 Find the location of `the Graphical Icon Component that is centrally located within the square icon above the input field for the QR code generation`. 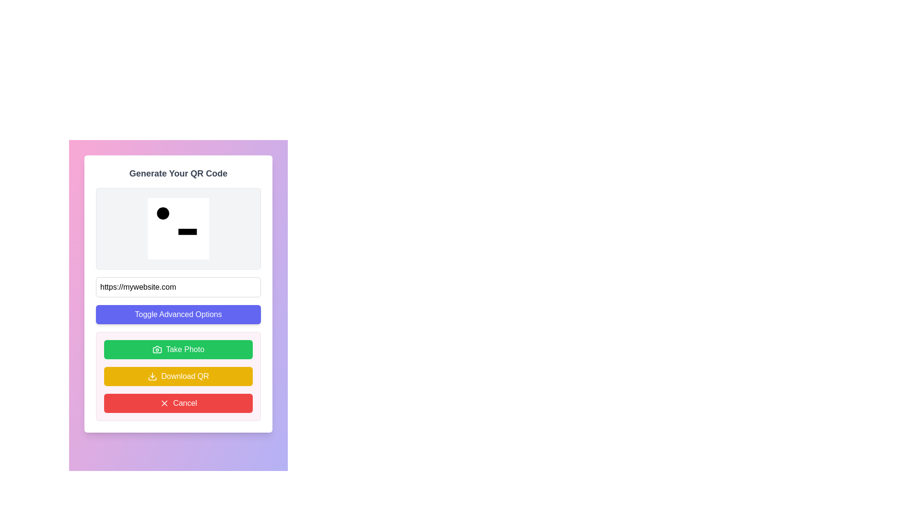

the Graphical Icon Component that is centrally located within the square icon above the input field for the QR code generation is located at coordinates (178, 229).